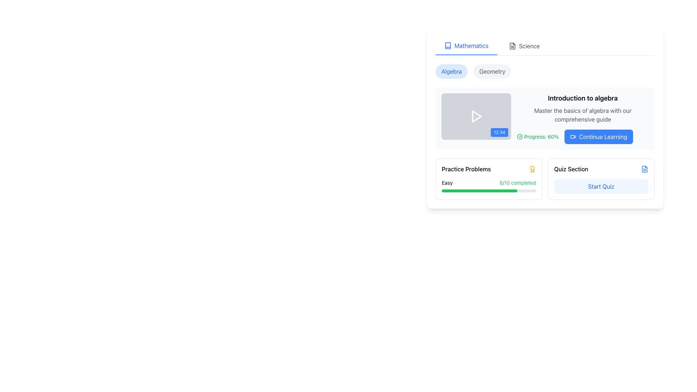  What do you see at coordinates (512, 46) in the screenshot?
I see `the rectangular body of the file icon in the SVG component adjacent to the 'Science' tab` at bounding box center [512, 46].